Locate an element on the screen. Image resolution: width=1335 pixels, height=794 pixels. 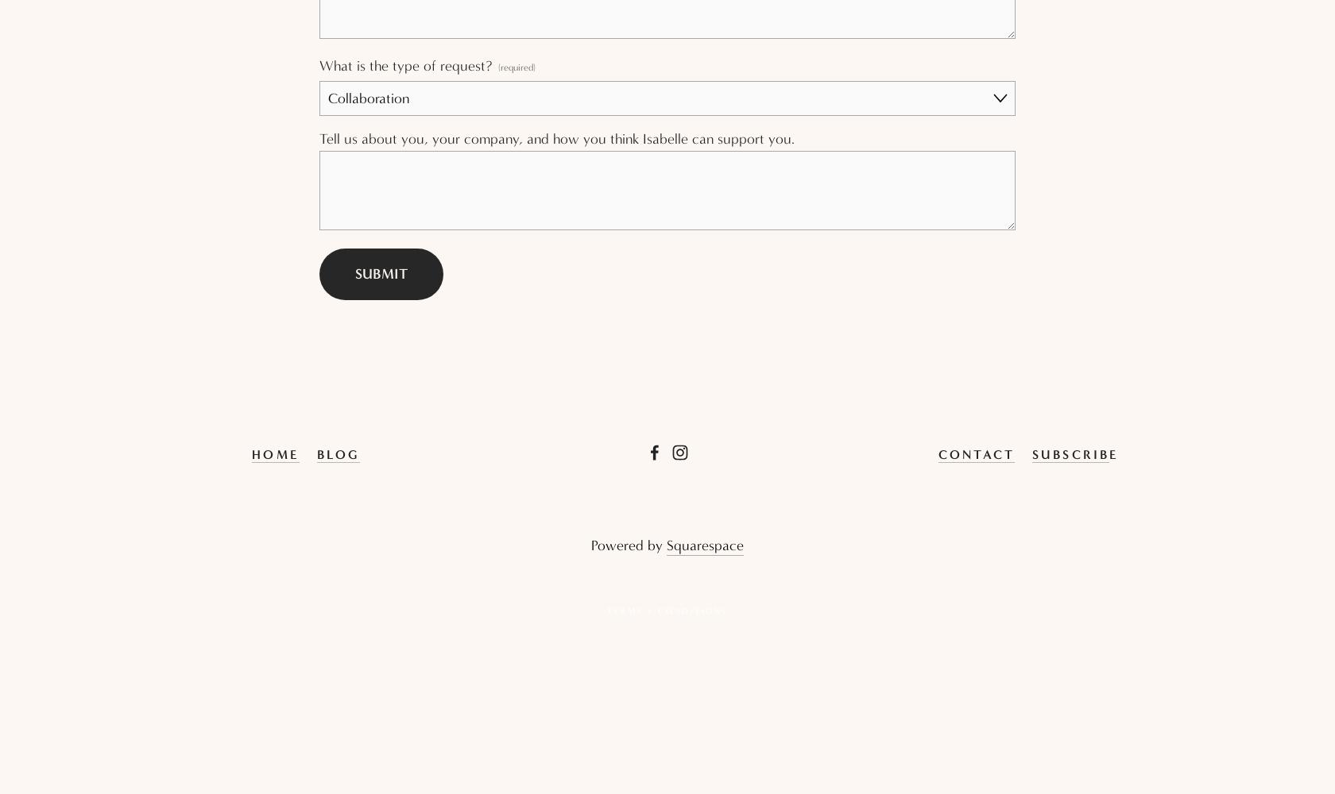
'Home' is located at coordinates (252, 453).